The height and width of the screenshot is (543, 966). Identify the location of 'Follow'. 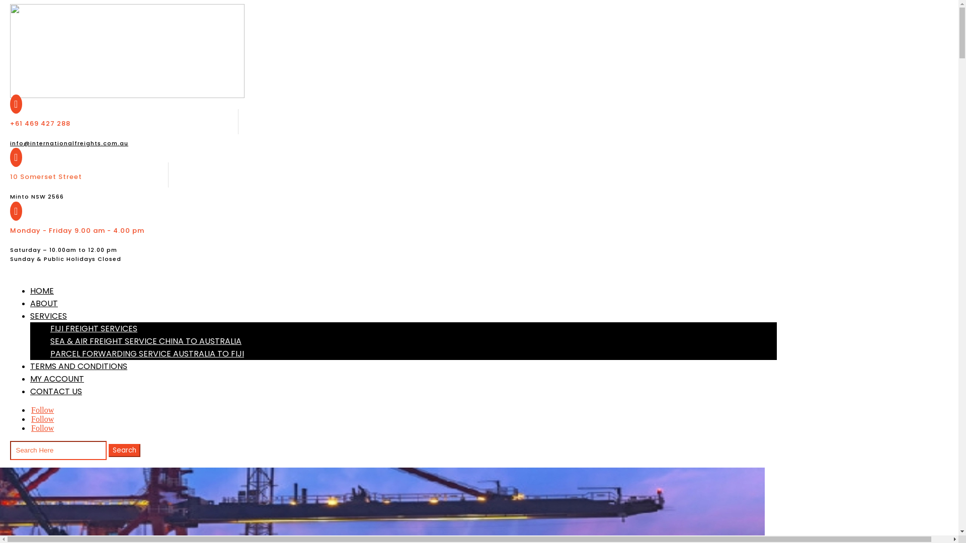
(42, 410).